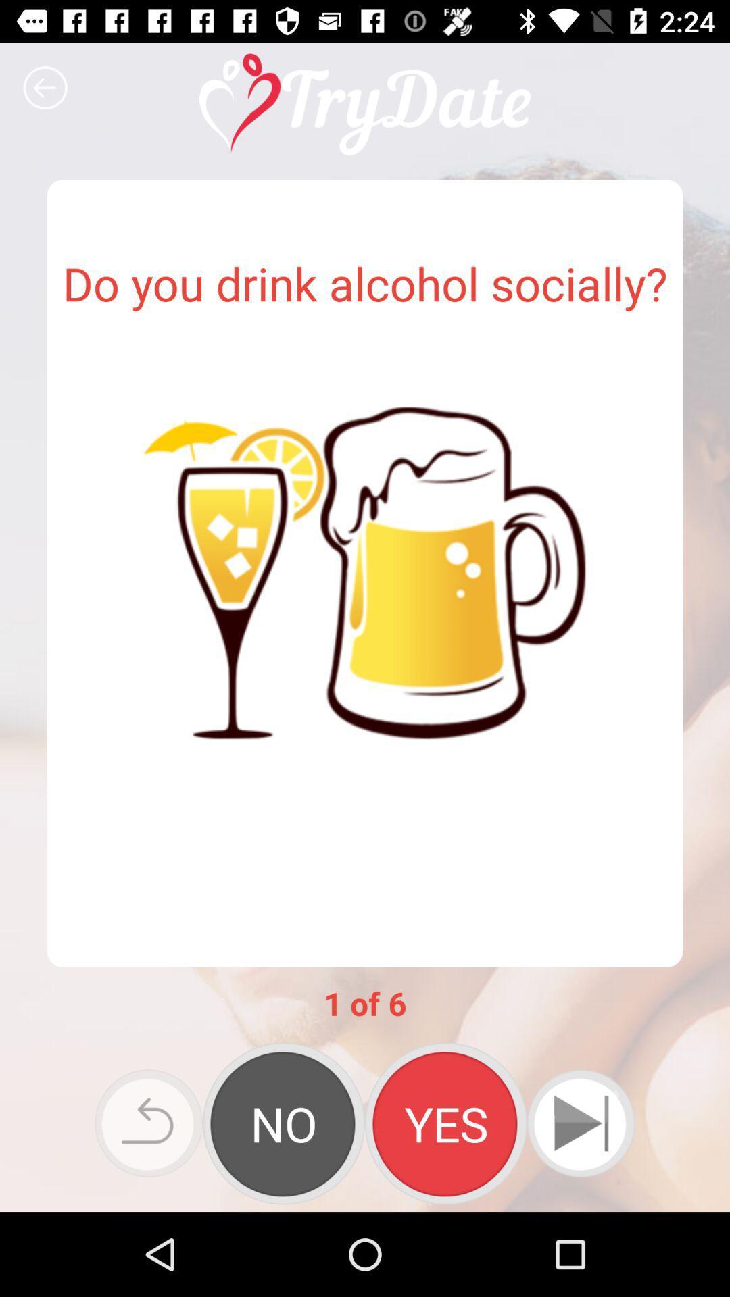 The image size is (730, 1297). What do you see at coordinates (580, 1123) in the screenshot?
I see `the icon below 1 of 6 icon` at bounding box center [580, 1123].